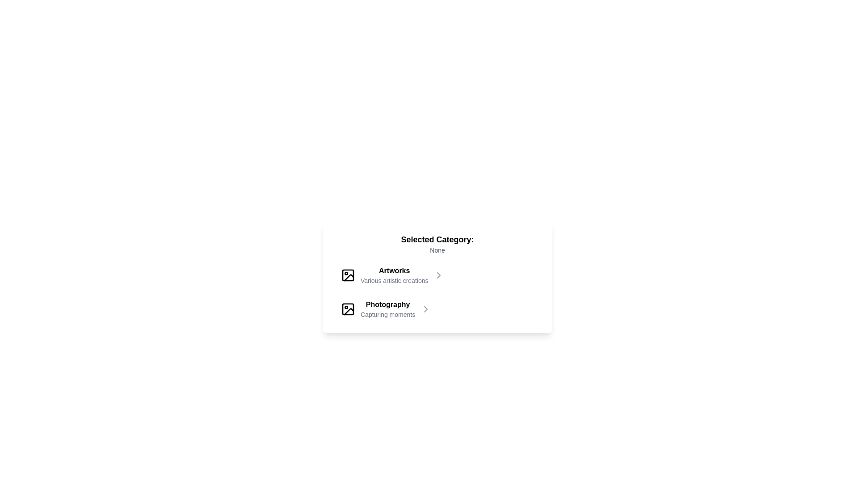 The image size is (858, 482). I want to click on displayed text from the rectangular block with a white background that has the header 'Selected Category:' and shows 'None' below it, as well as the options 'Artworks' and 'Photography', so click(437, 278).